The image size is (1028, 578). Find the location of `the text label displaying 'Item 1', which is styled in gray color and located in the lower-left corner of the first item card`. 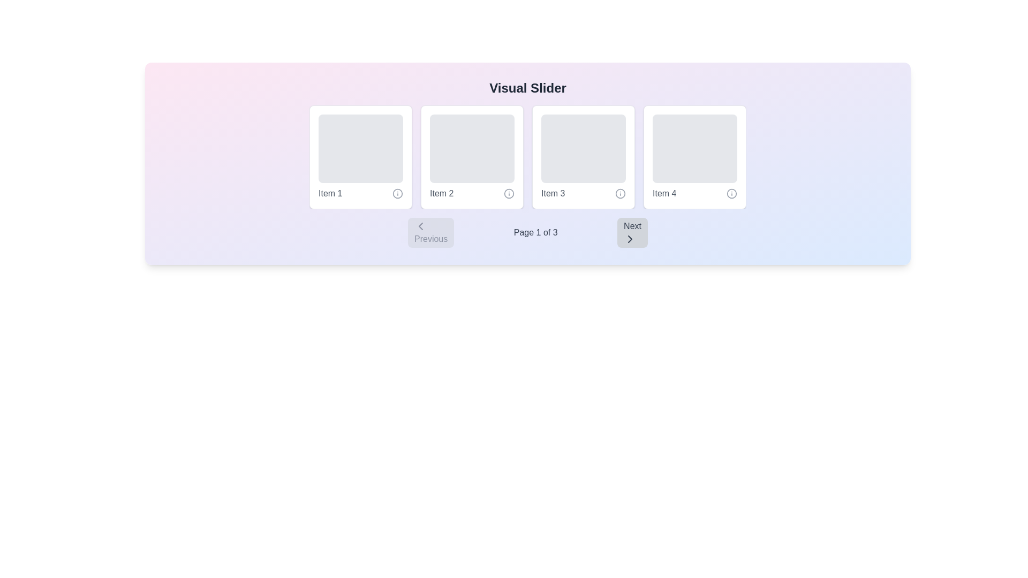

the text label displaying 'Item 1', which is styled in gray color and located in the lower-left corner of the first item card is located at coordinates (330, 194).